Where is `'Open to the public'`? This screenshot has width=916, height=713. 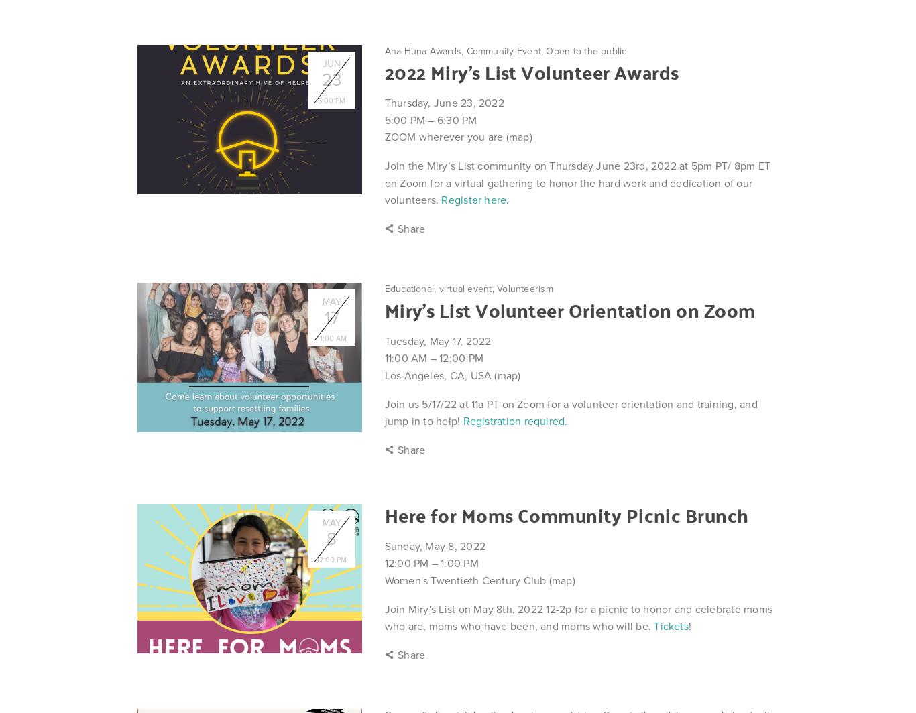 'Open to the public' is located at coordinates (585, 50).